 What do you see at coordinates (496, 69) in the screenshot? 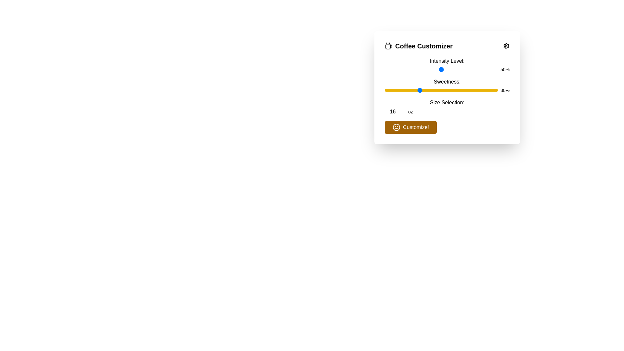
I see `the intensity level slider to 99%` at bounding box center [496, 69].